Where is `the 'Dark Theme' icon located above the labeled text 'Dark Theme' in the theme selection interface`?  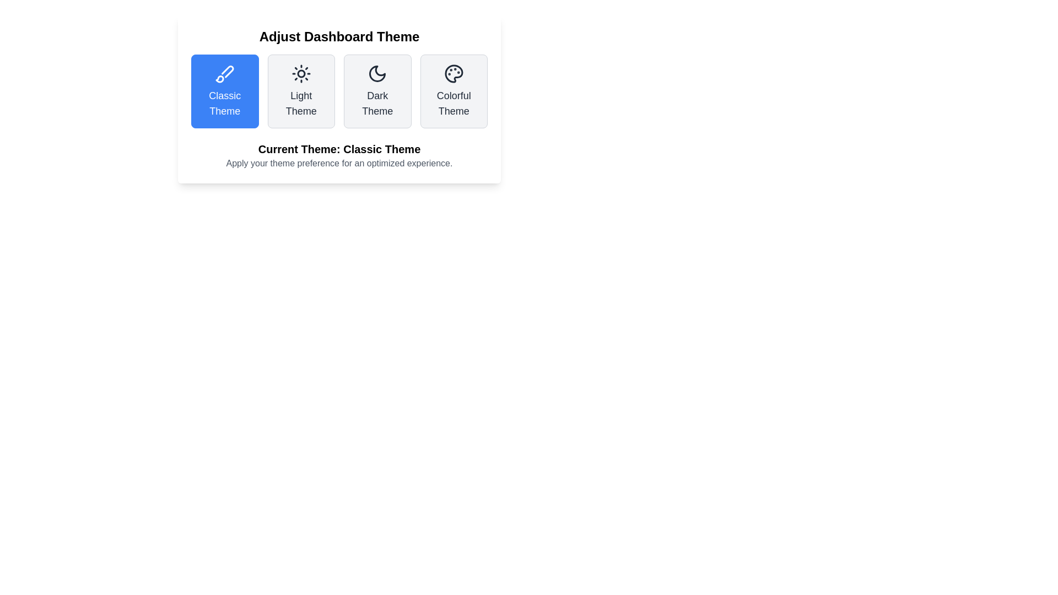 the 'Dark Theme' icon located above the labeled text 'Dark Theme' in the theme selection interface is located at coordinates (377, 74).